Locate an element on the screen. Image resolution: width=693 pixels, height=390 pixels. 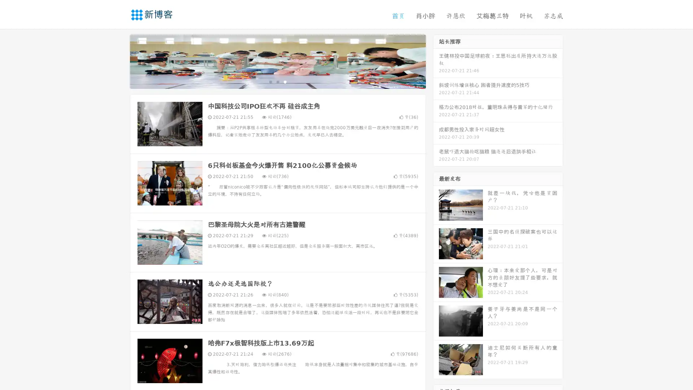
Previous slide is located at coordinates (119, 61).